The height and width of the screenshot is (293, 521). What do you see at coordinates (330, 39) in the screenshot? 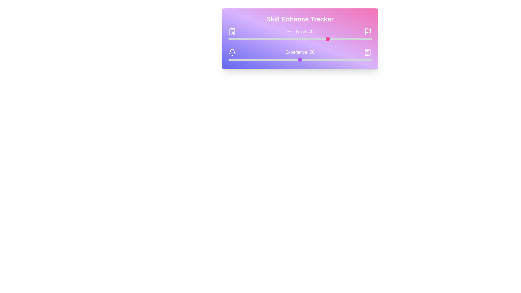
I see `the skill level slider to 71, where 71 is a value between 0 and 100` at bounding box center [330, 39].